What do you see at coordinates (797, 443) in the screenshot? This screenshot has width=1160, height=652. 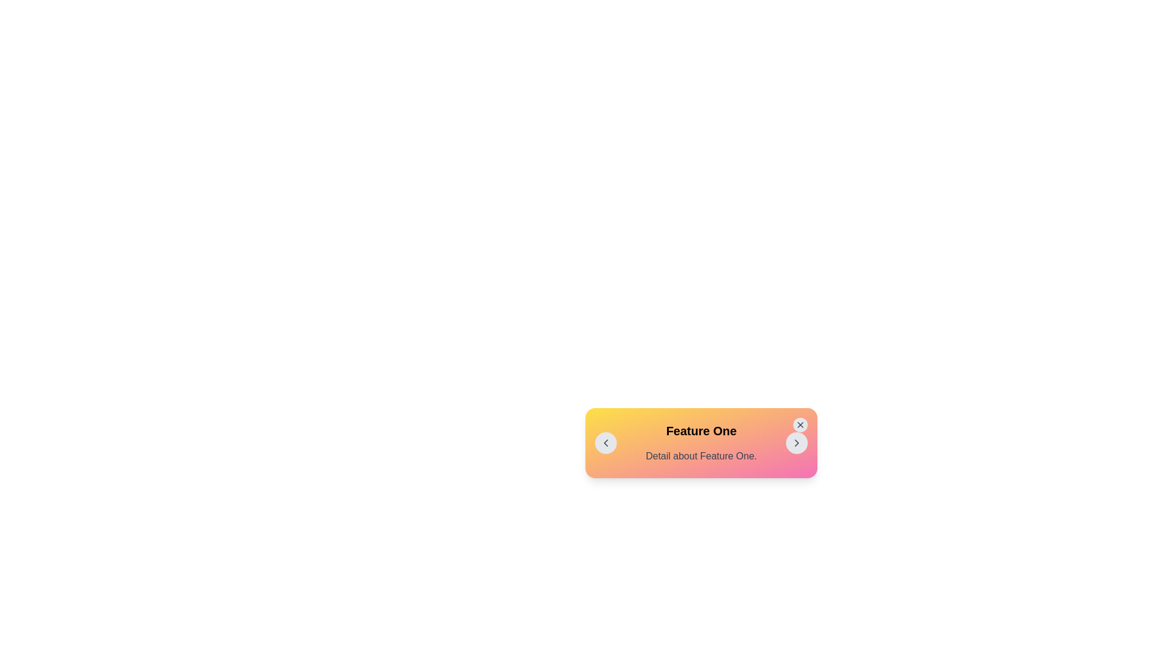 I see `the navigation button located at the mid-right side of the card titled 'Feature One'` at bounding box center [797, 443].